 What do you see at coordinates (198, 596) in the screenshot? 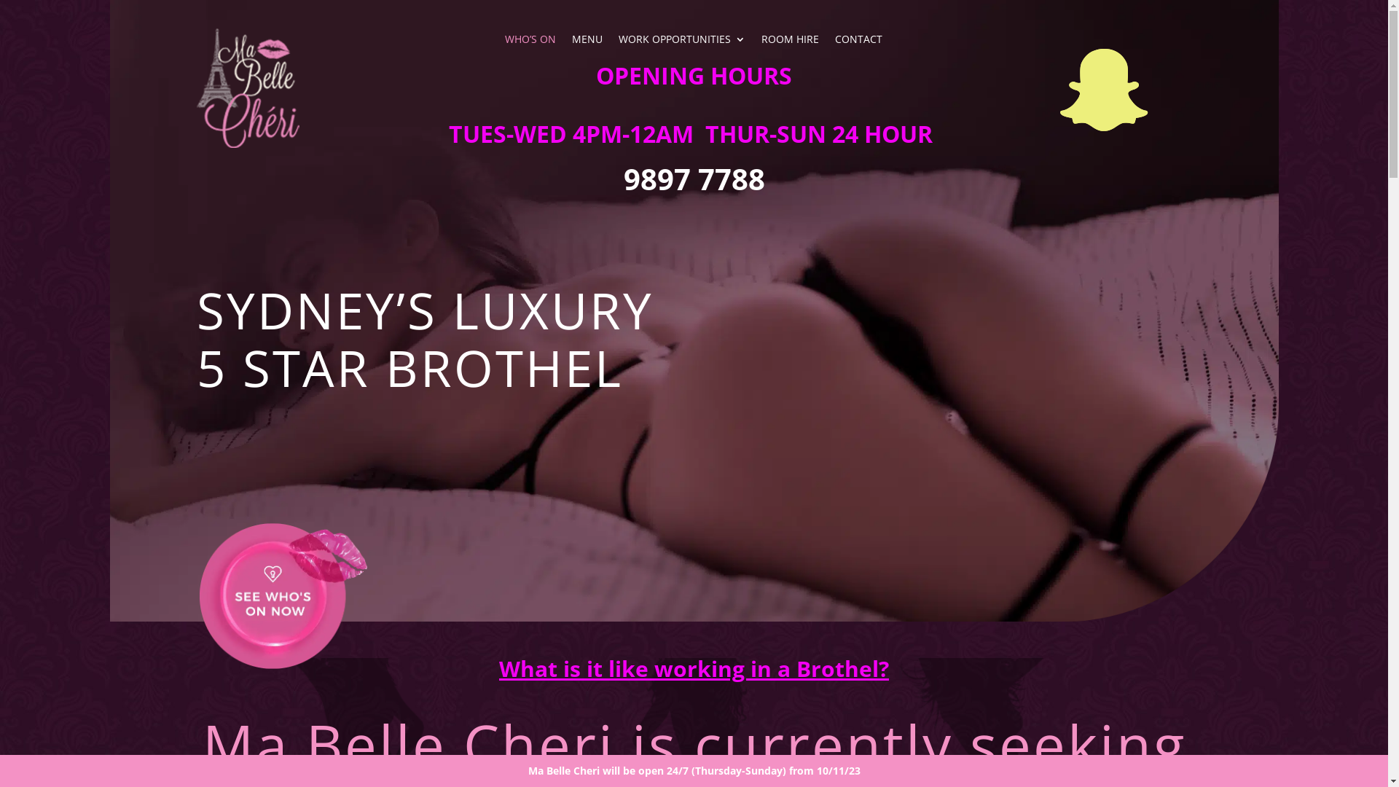
I see `'whos-on-button'` at bounding box center [198, 596].